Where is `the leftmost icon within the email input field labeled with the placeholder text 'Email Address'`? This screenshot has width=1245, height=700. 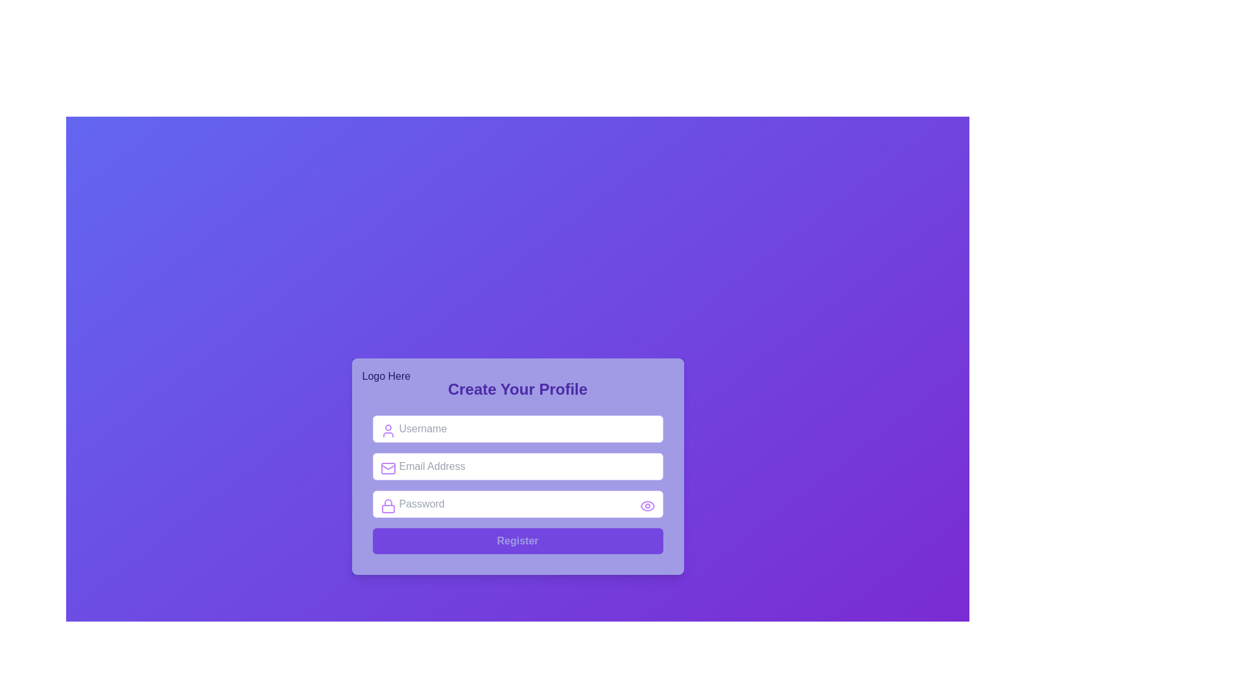 the leftmost icon within the email input field labeled with the placeholder text 'Email Address' is located at coordinates (387, 468).